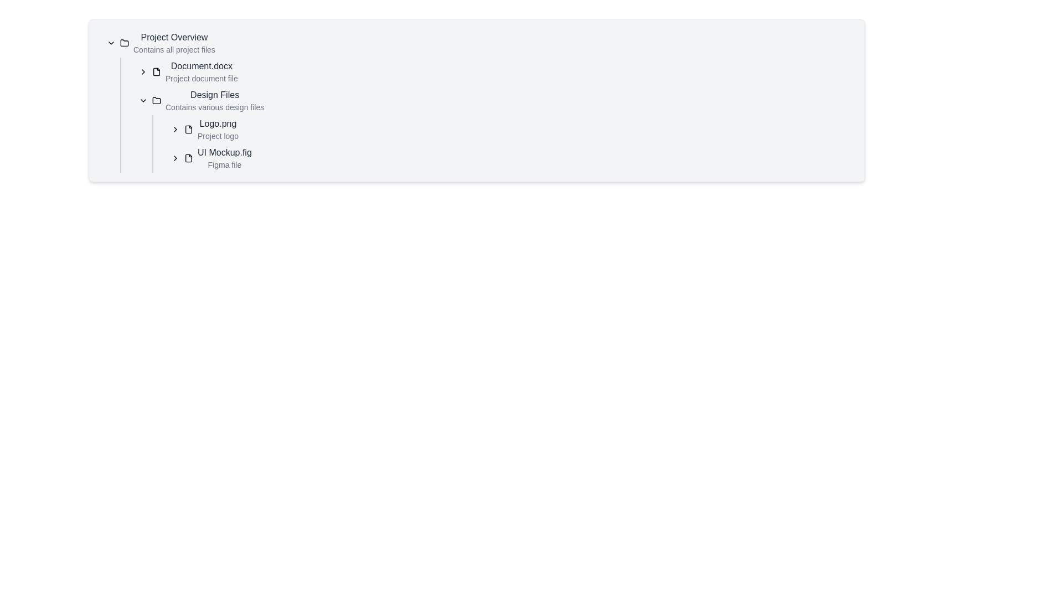 The width and height of the screenshot is (1063, 598). What do you see at coordinates (218, 123) in the screenshot?
I see `the text label displaying 'Logo.png' located in the 'Design Files' section under 'Project Overview' by clicking on it` at bounding box center [218, 123].